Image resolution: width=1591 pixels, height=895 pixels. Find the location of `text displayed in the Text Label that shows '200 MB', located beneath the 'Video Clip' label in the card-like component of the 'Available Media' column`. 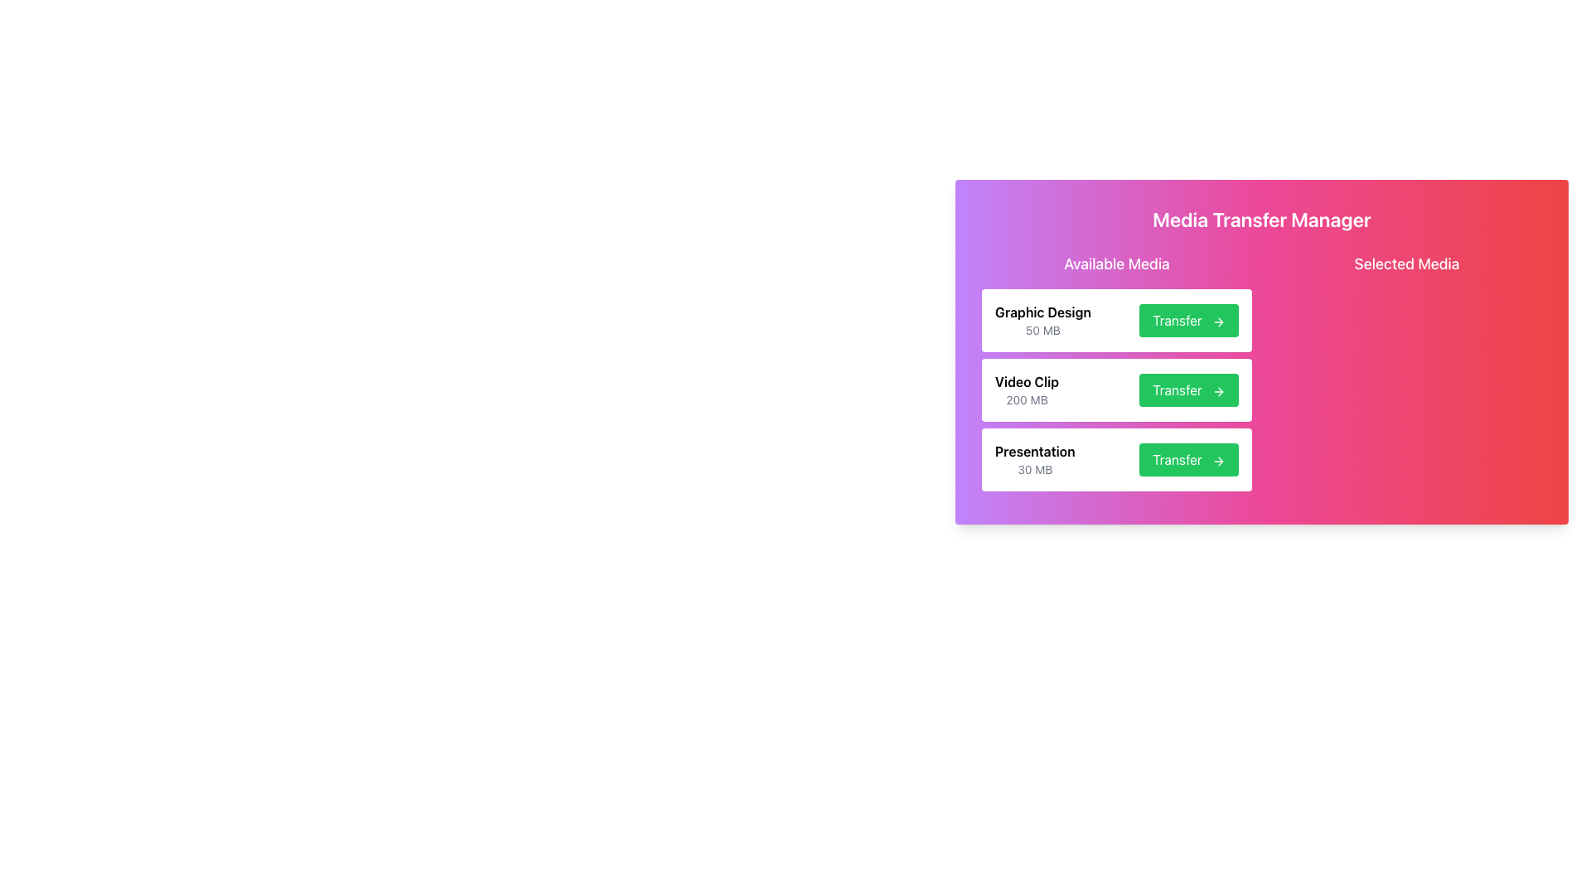

text displayed in the Text Label that shows '200 MB', located beneath the 'Video Clip' label in the card-like component of the 'Available Media' column is located at coordinates (1026, 399).